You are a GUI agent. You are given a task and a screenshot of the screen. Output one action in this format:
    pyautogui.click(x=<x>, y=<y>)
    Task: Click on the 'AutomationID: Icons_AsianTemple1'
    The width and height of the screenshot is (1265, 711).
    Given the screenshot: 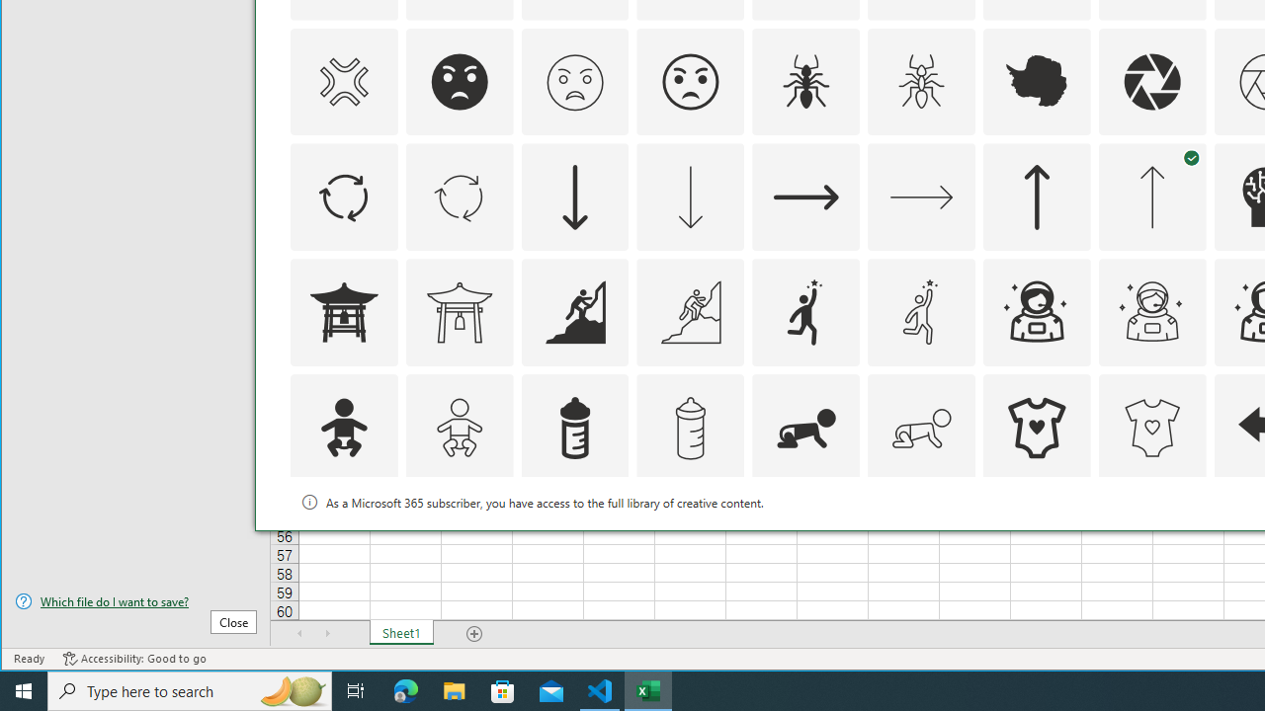 What is the action you would take?
    pyautogui.click(x=344, y=311)
    